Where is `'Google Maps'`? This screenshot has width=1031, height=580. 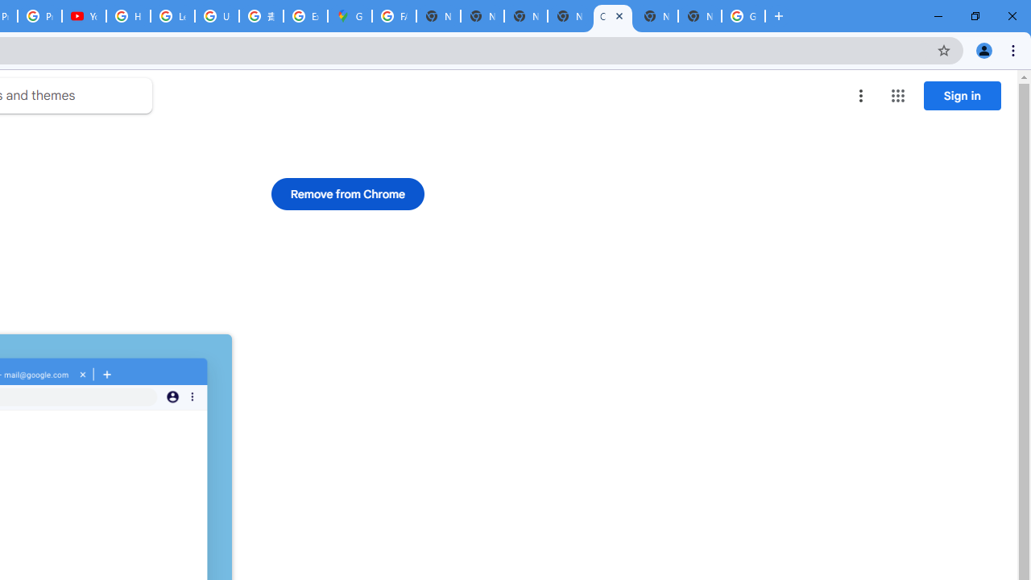
'Google Maps' is located at coordinates (349, 16).